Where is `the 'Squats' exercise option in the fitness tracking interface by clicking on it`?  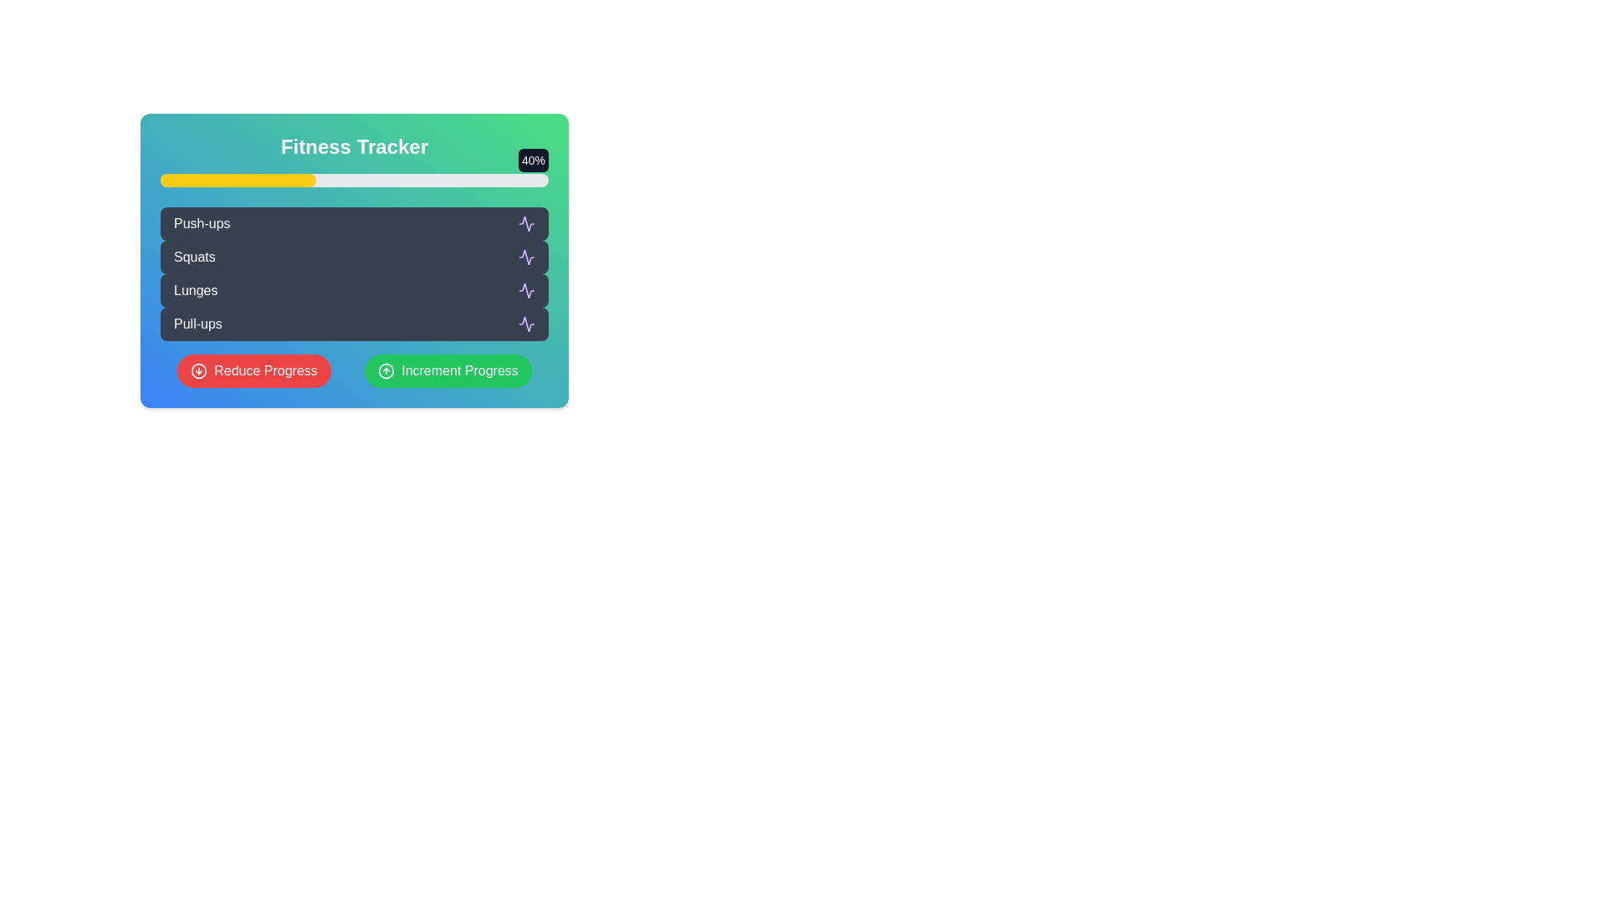 the 'Squats' exercise option in the fitness tracking interface by clicking on it is located at coordinates (353, 258).